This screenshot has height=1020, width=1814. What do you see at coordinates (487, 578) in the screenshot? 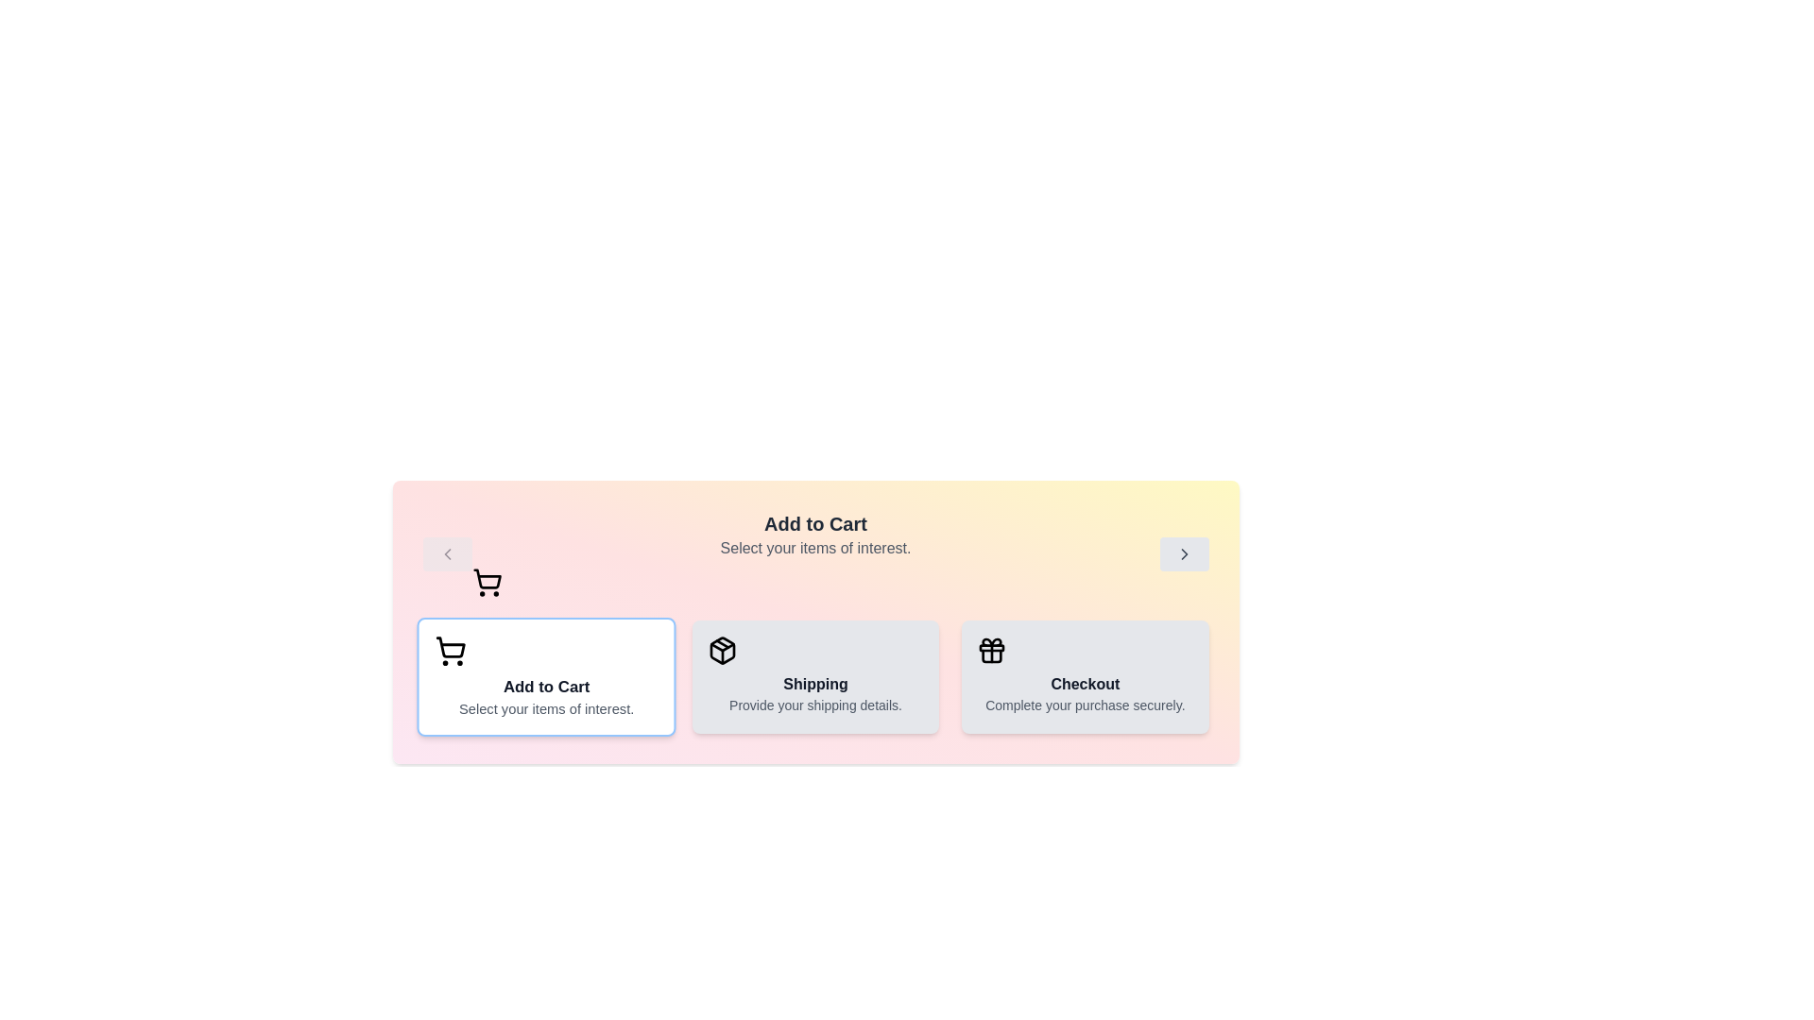
I see `the shopping cart icon, which is an SVG graphic depicted in line art styling, located near the top-left corner of a pastel-colored interface` at bounding box center [487, 578].